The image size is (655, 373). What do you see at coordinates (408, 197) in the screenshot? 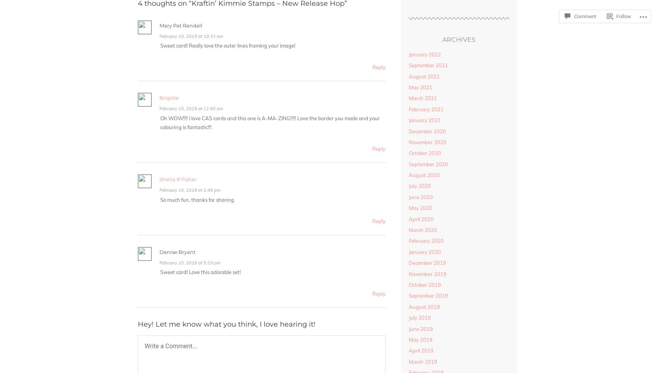
I see `'June 2020'` at bounding box center [408, 197].